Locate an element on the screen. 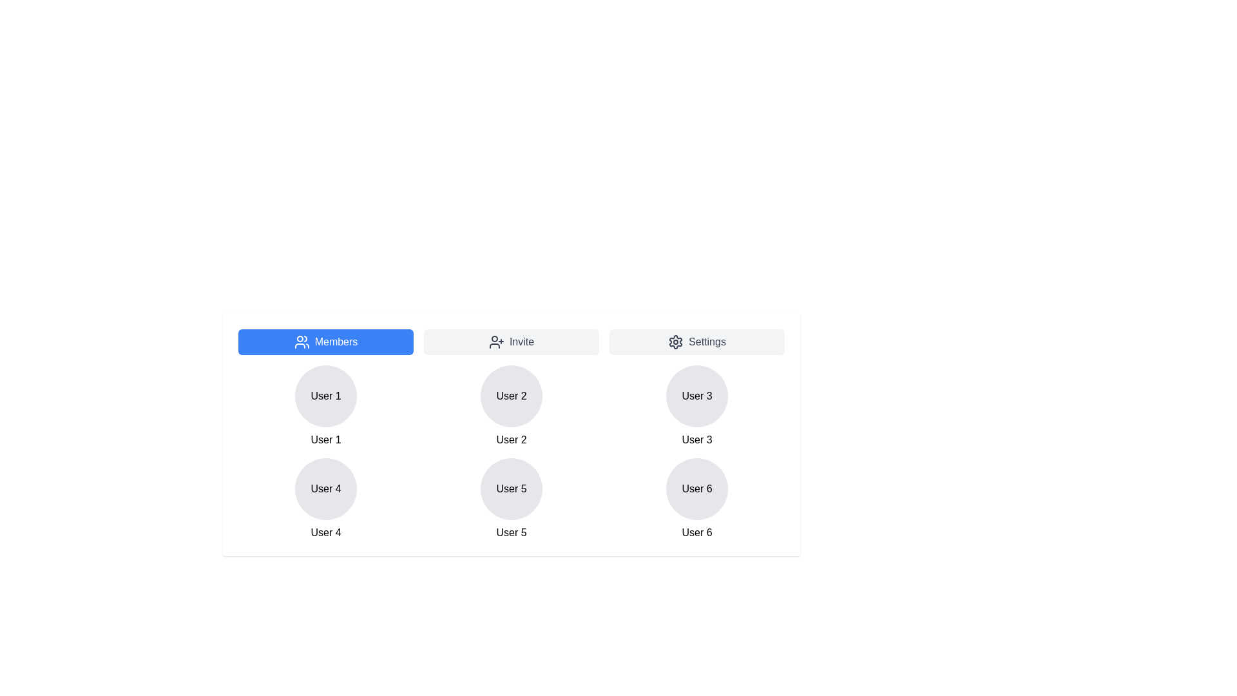  the gear icon located in the upper-right section of the interface, beneath the header is located at coordinates (675, 342).